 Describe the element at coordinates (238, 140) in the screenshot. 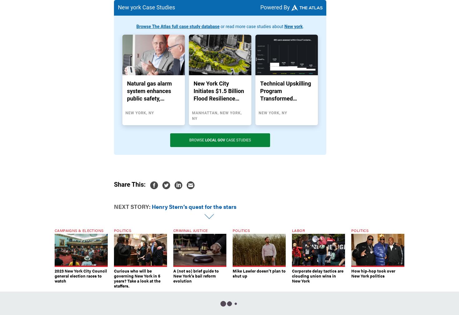

I see `'CASE STUDIES'` at that location.